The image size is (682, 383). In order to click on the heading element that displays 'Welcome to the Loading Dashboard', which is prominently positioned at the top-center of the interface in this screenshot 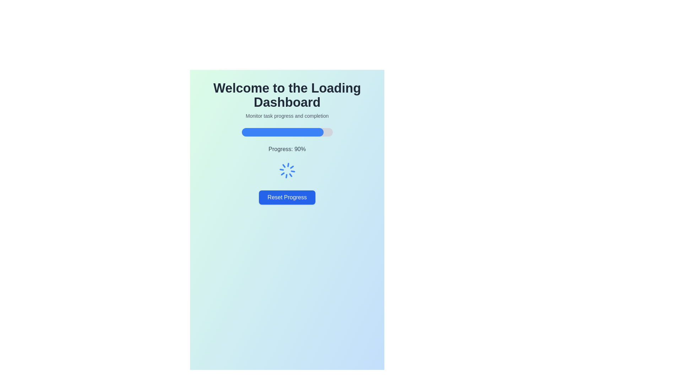, I will do `click(287, 95)`.